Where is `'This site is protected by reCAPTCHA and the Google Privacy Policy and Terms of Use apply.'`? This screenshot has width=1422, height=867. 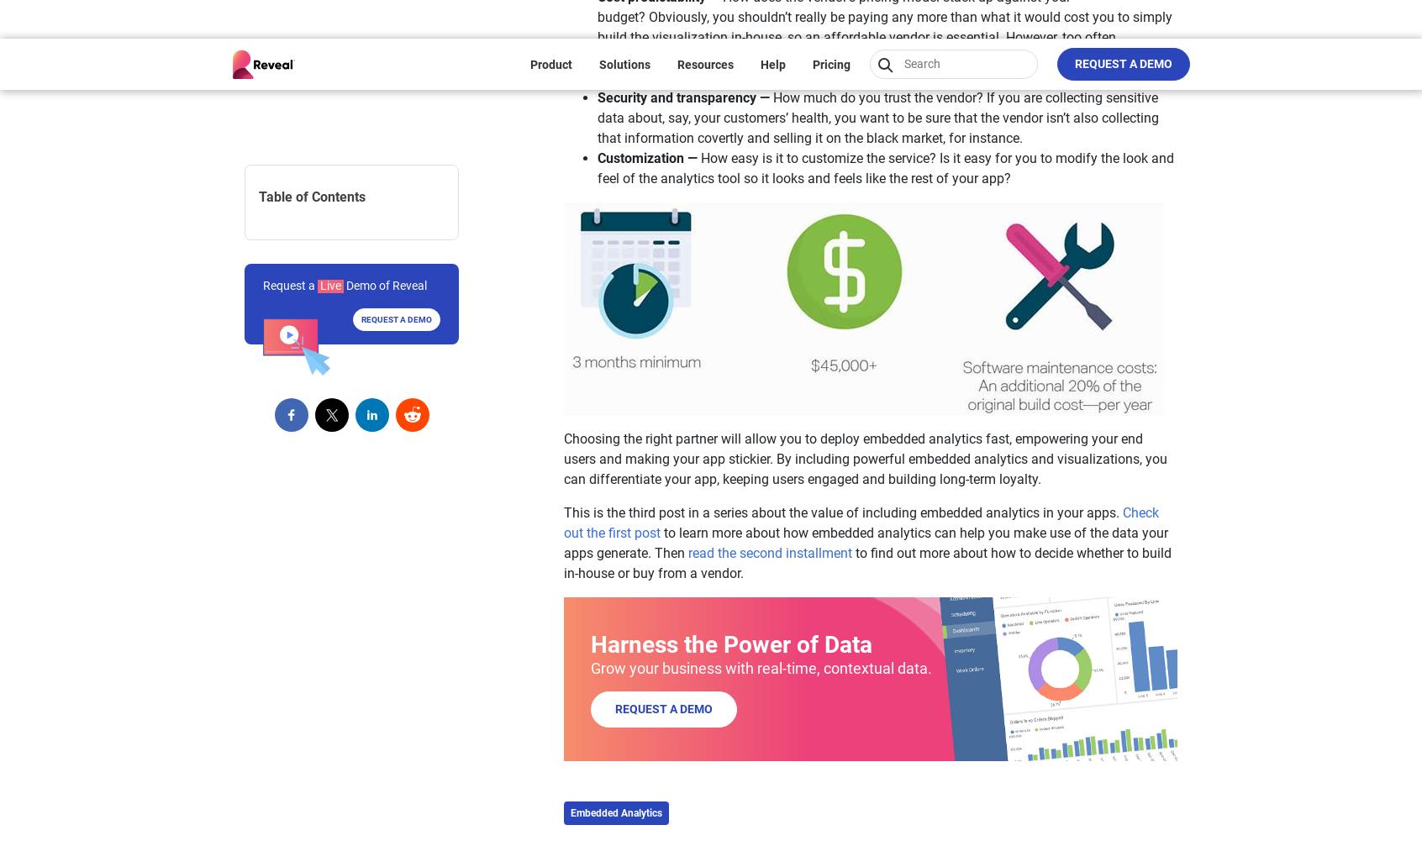 'This site is protected by reCAPTCHA and the Google Privacy Policy and Terms of Use apply.' is located at coordinates (1015, 569).